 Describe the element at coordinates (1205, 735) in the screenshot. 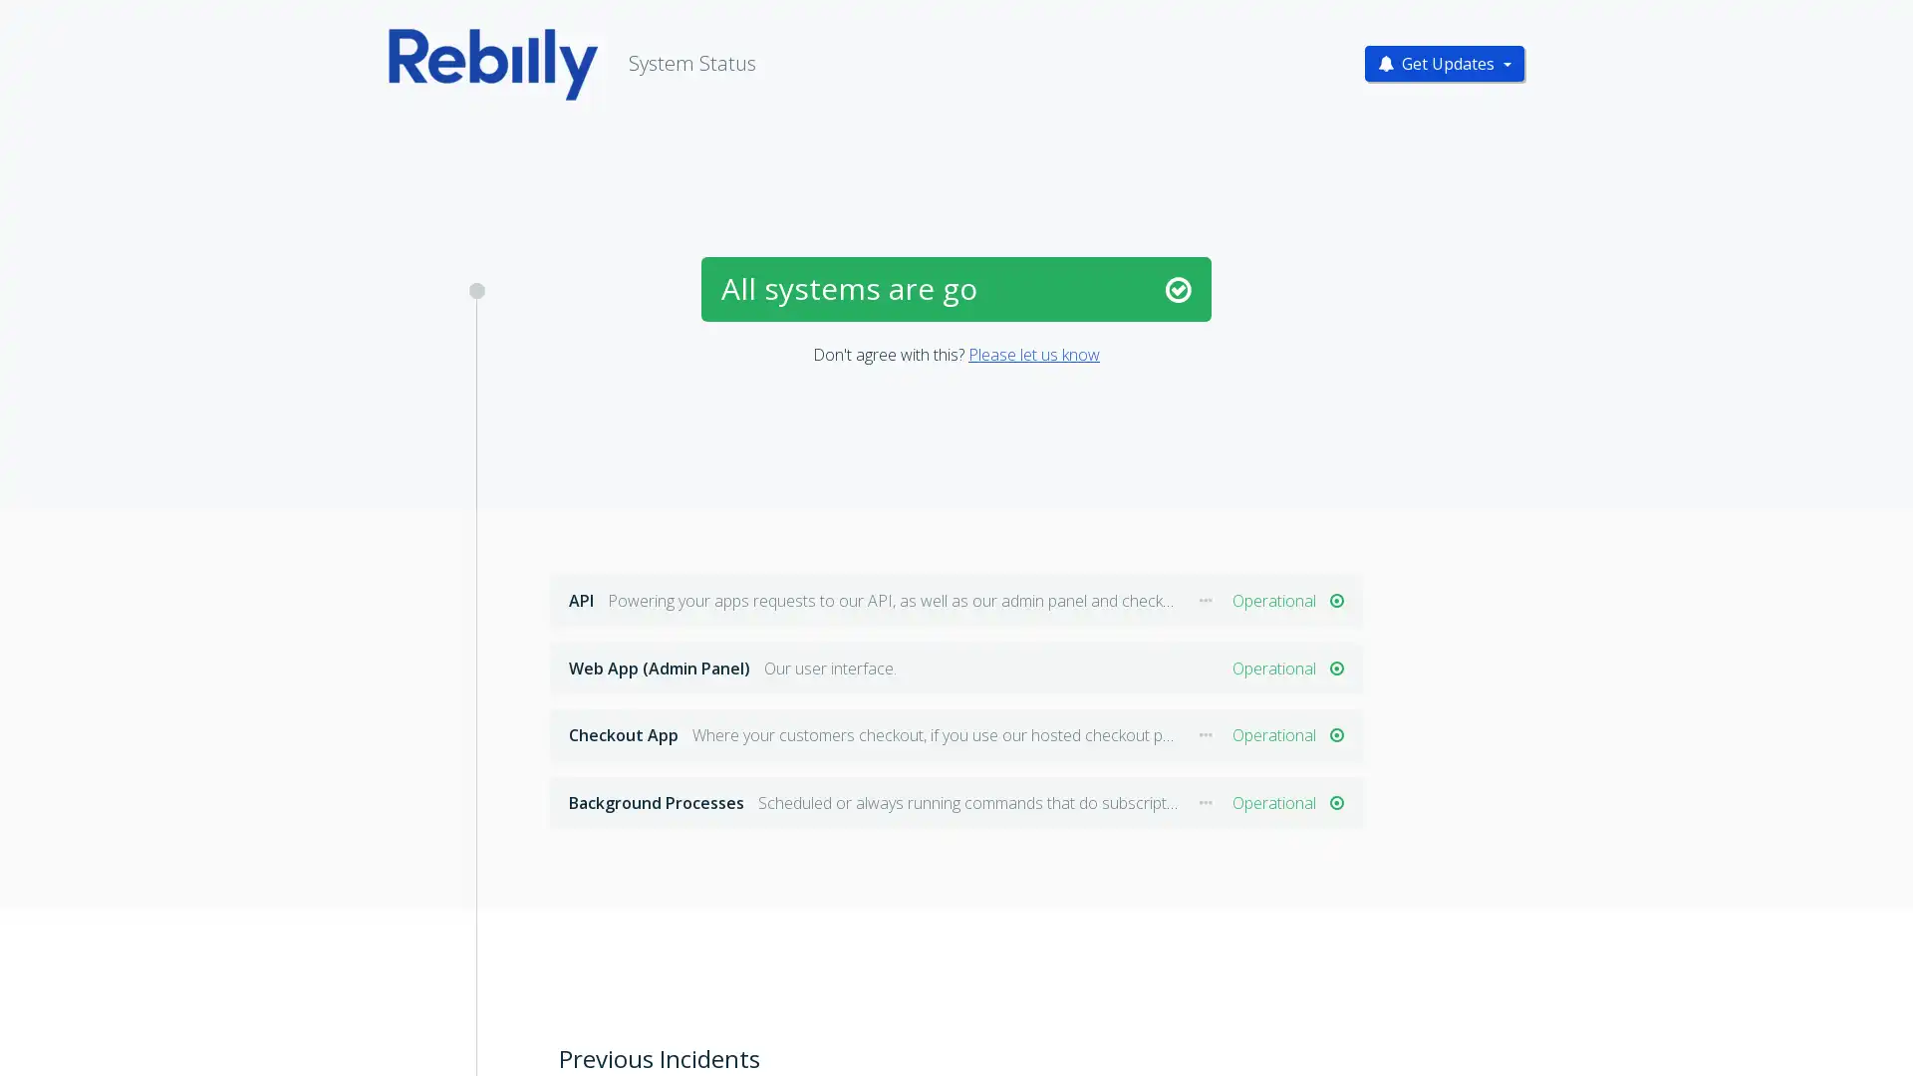

I see `Click here to view the full description for this component` at that location.